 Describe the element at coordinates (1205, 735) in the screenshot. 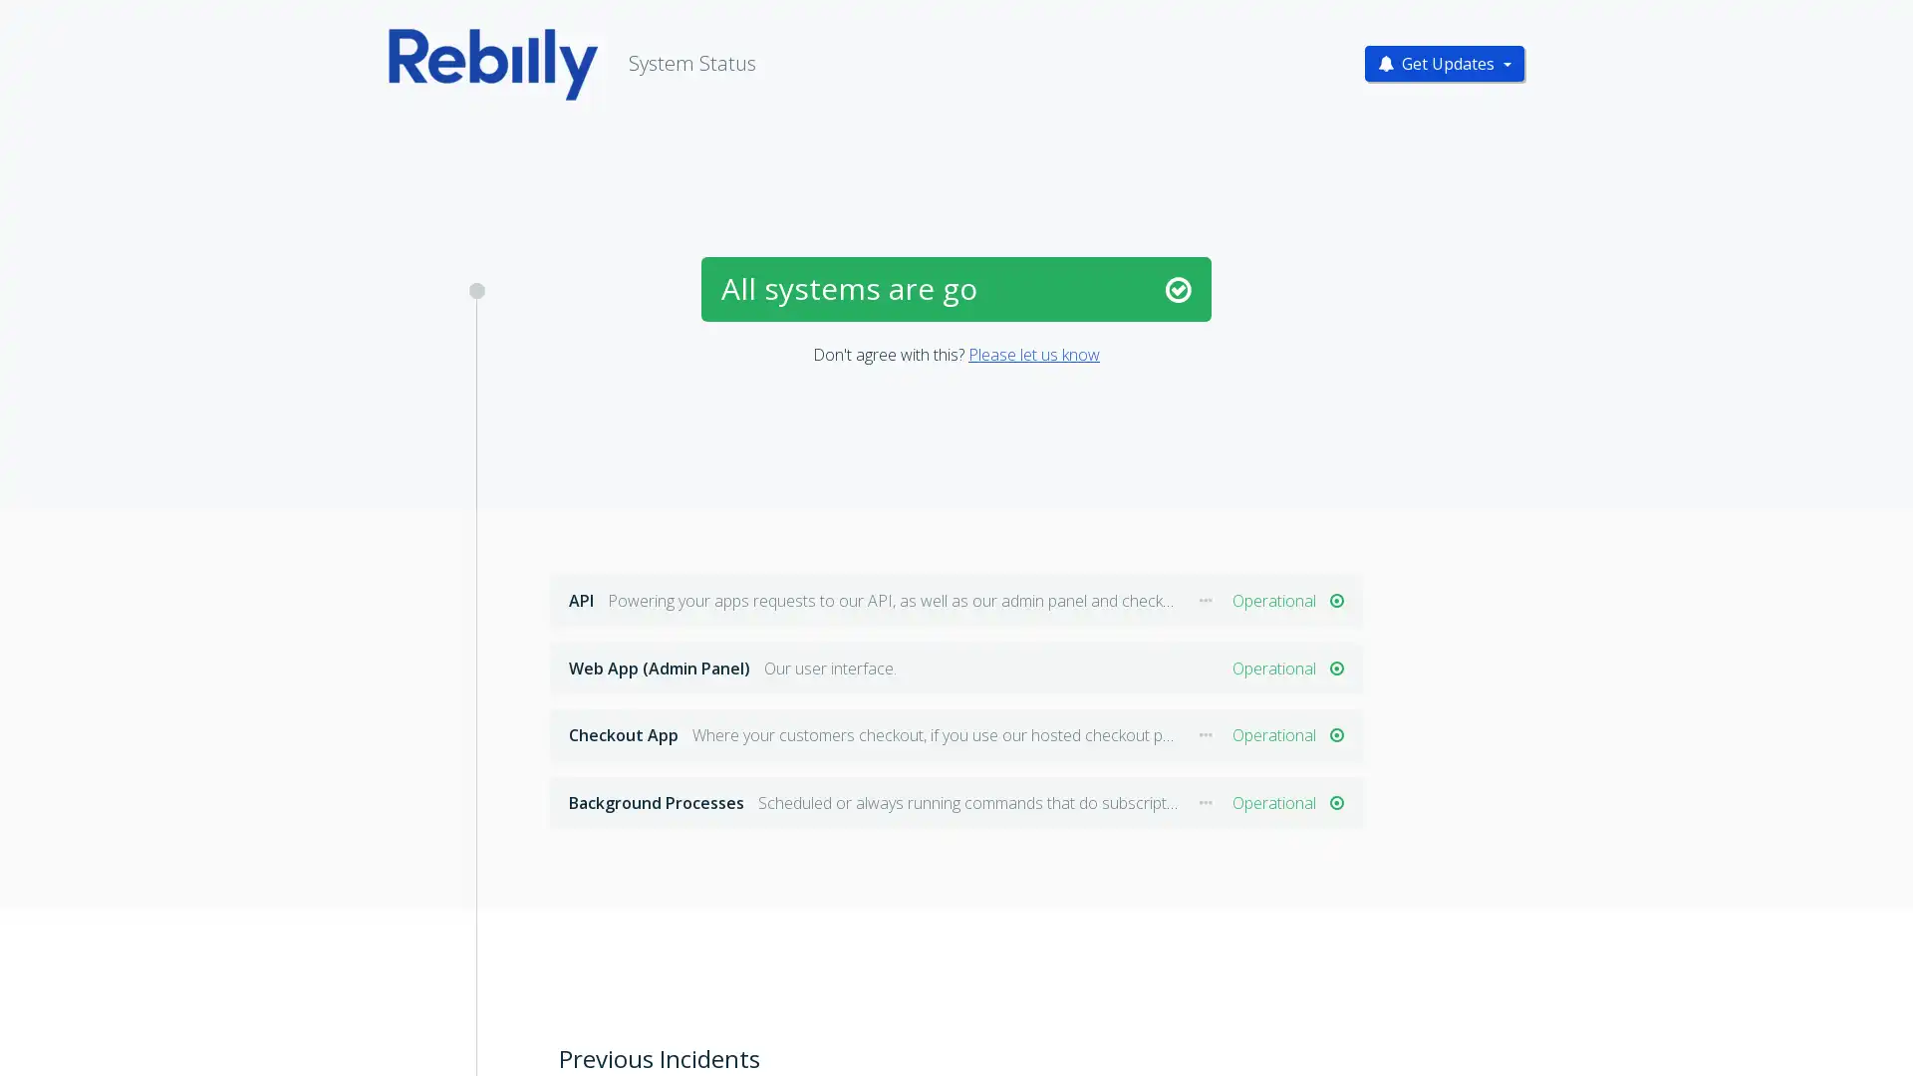

I see `Click here to view the full description for this component` at that location.